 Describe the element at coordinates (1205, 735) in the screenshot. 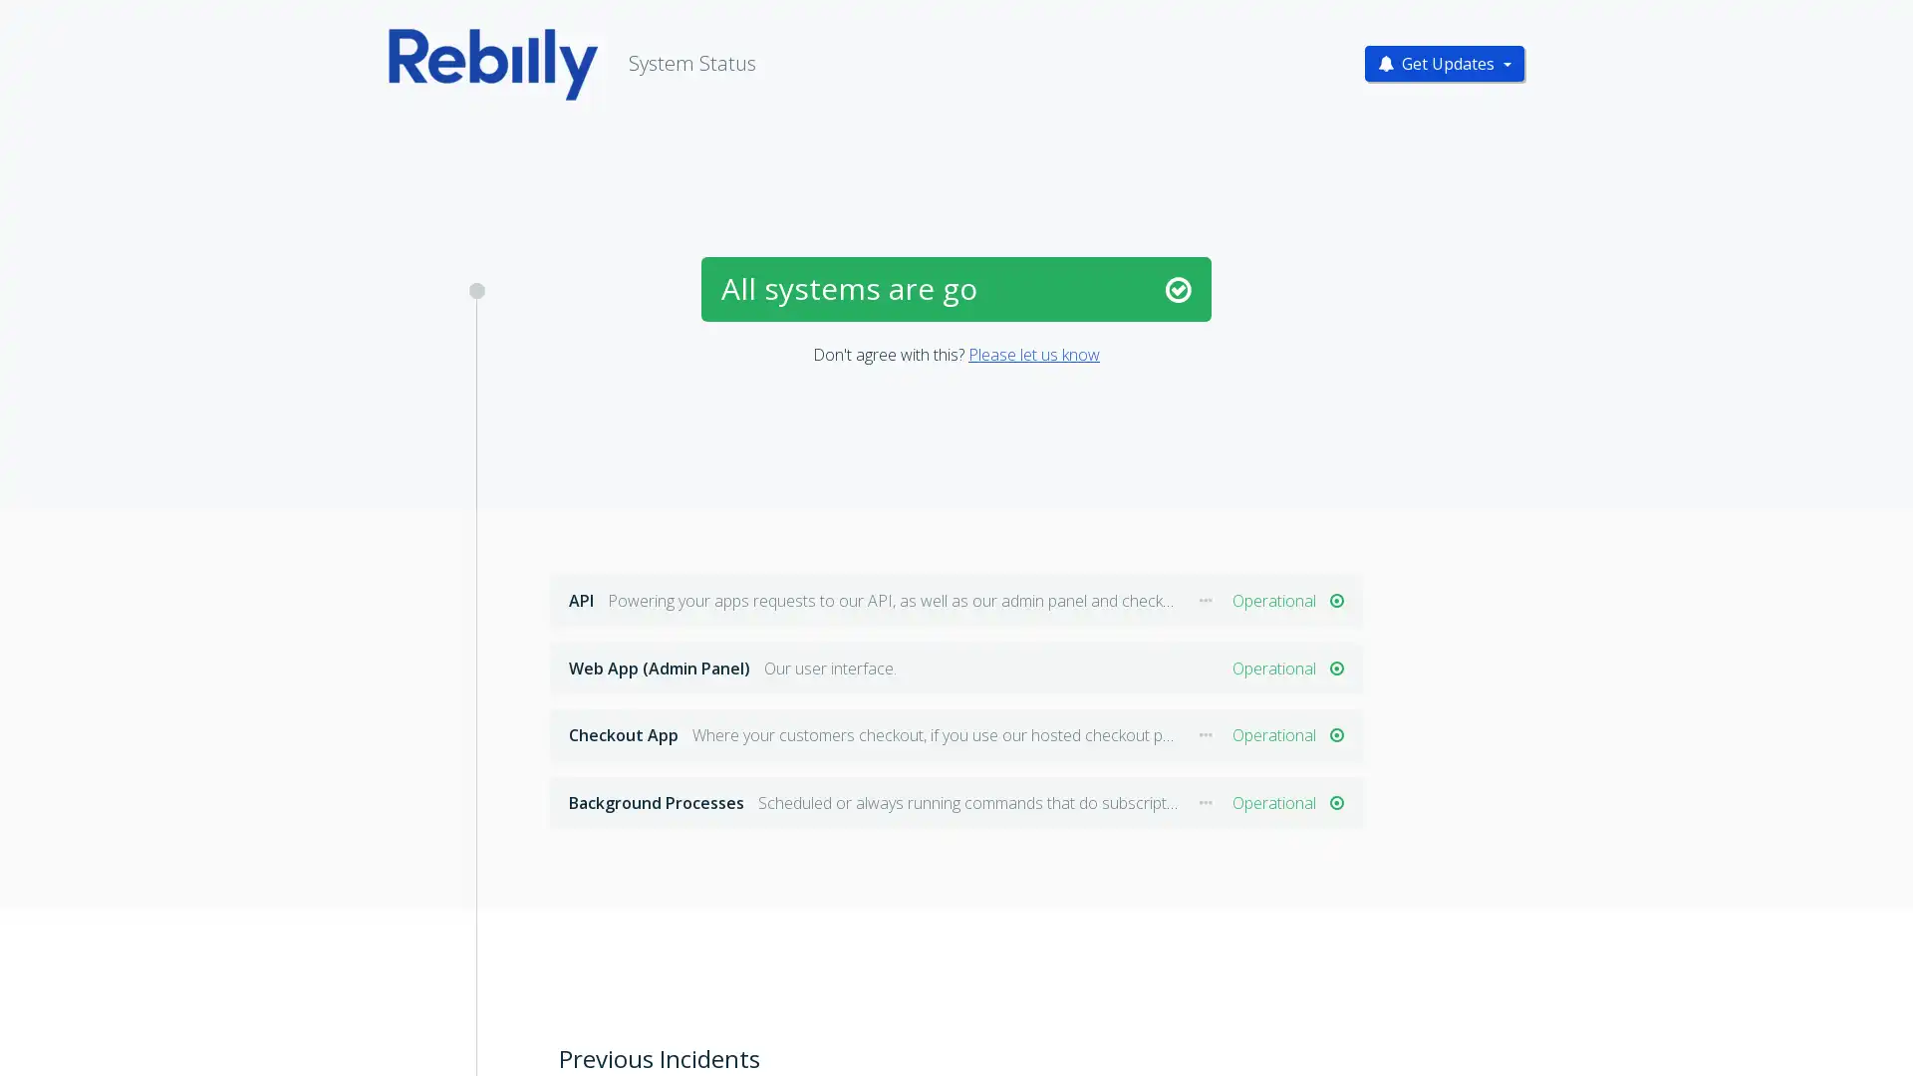

I see `Click here to view the full description for this component` at that location.